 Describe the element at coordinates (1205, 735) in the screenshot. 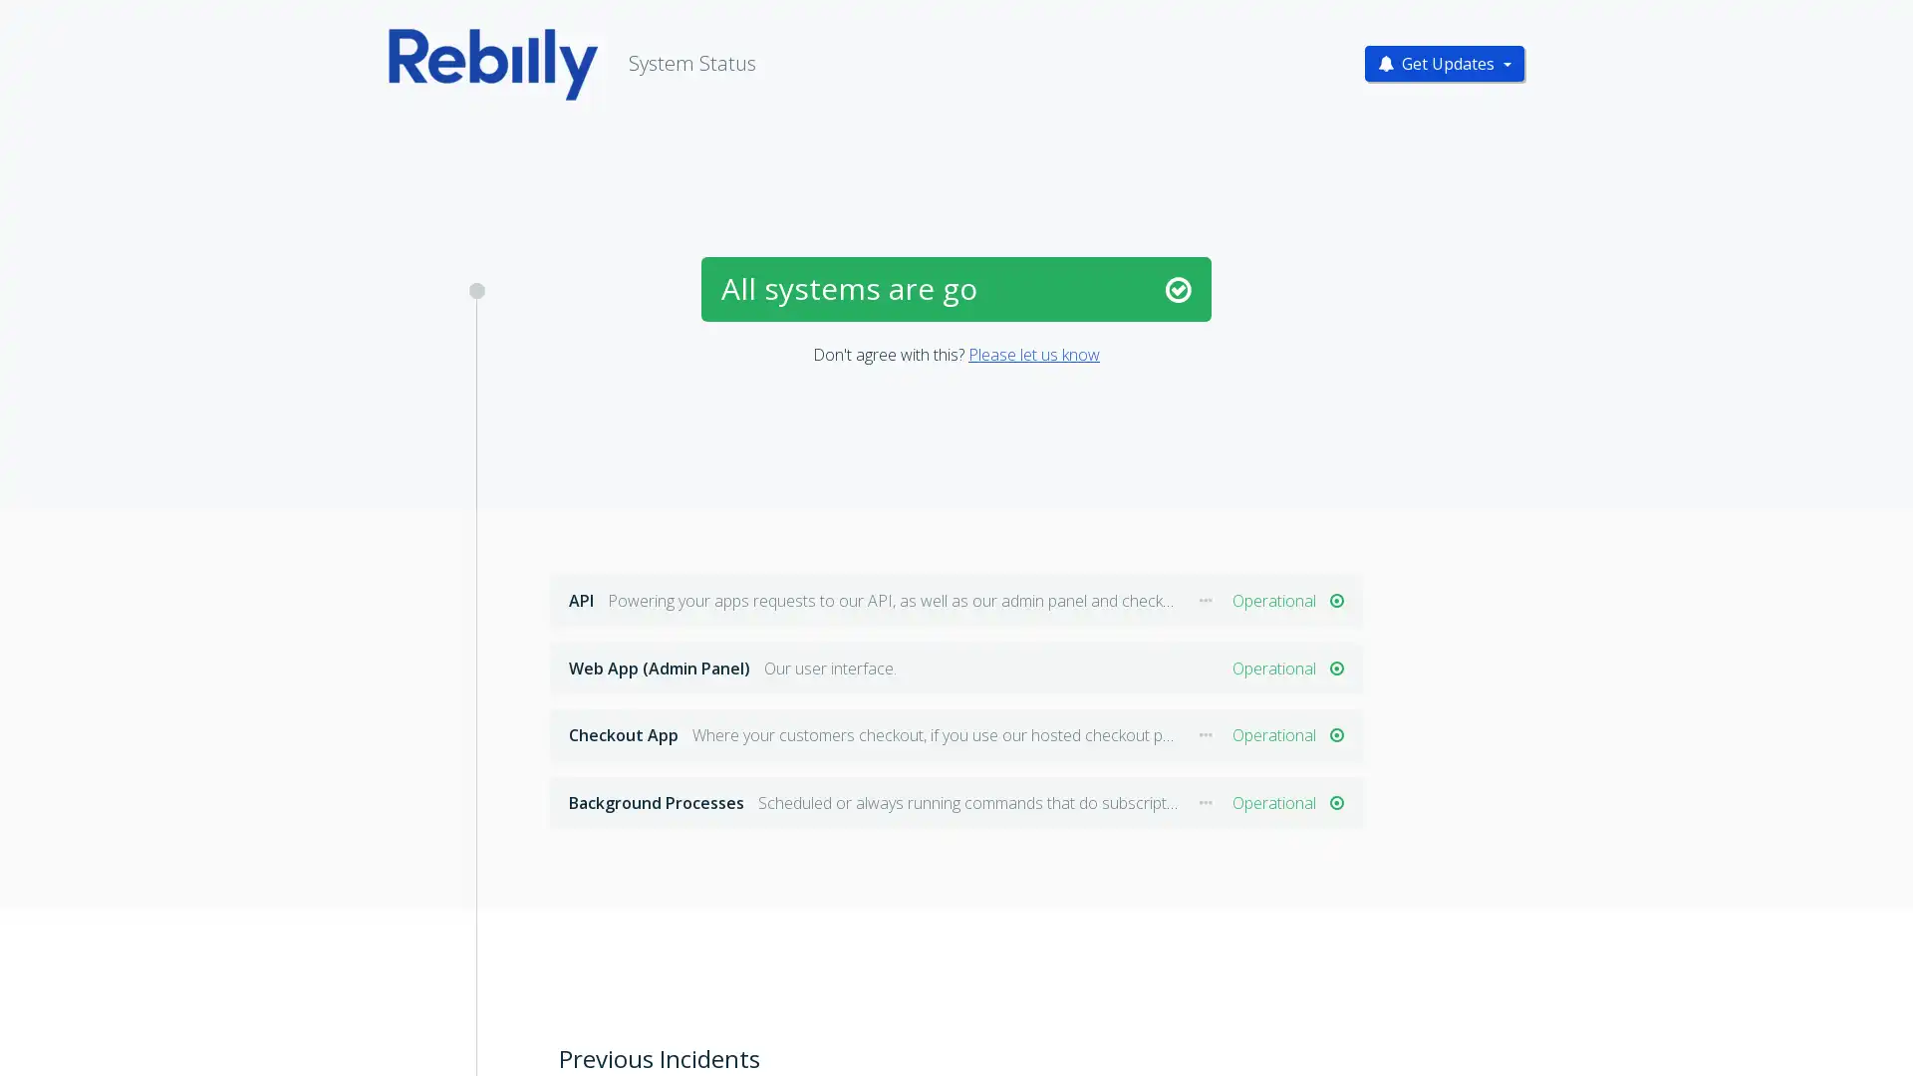

I see `Click here to view the full description for this component` at that location.